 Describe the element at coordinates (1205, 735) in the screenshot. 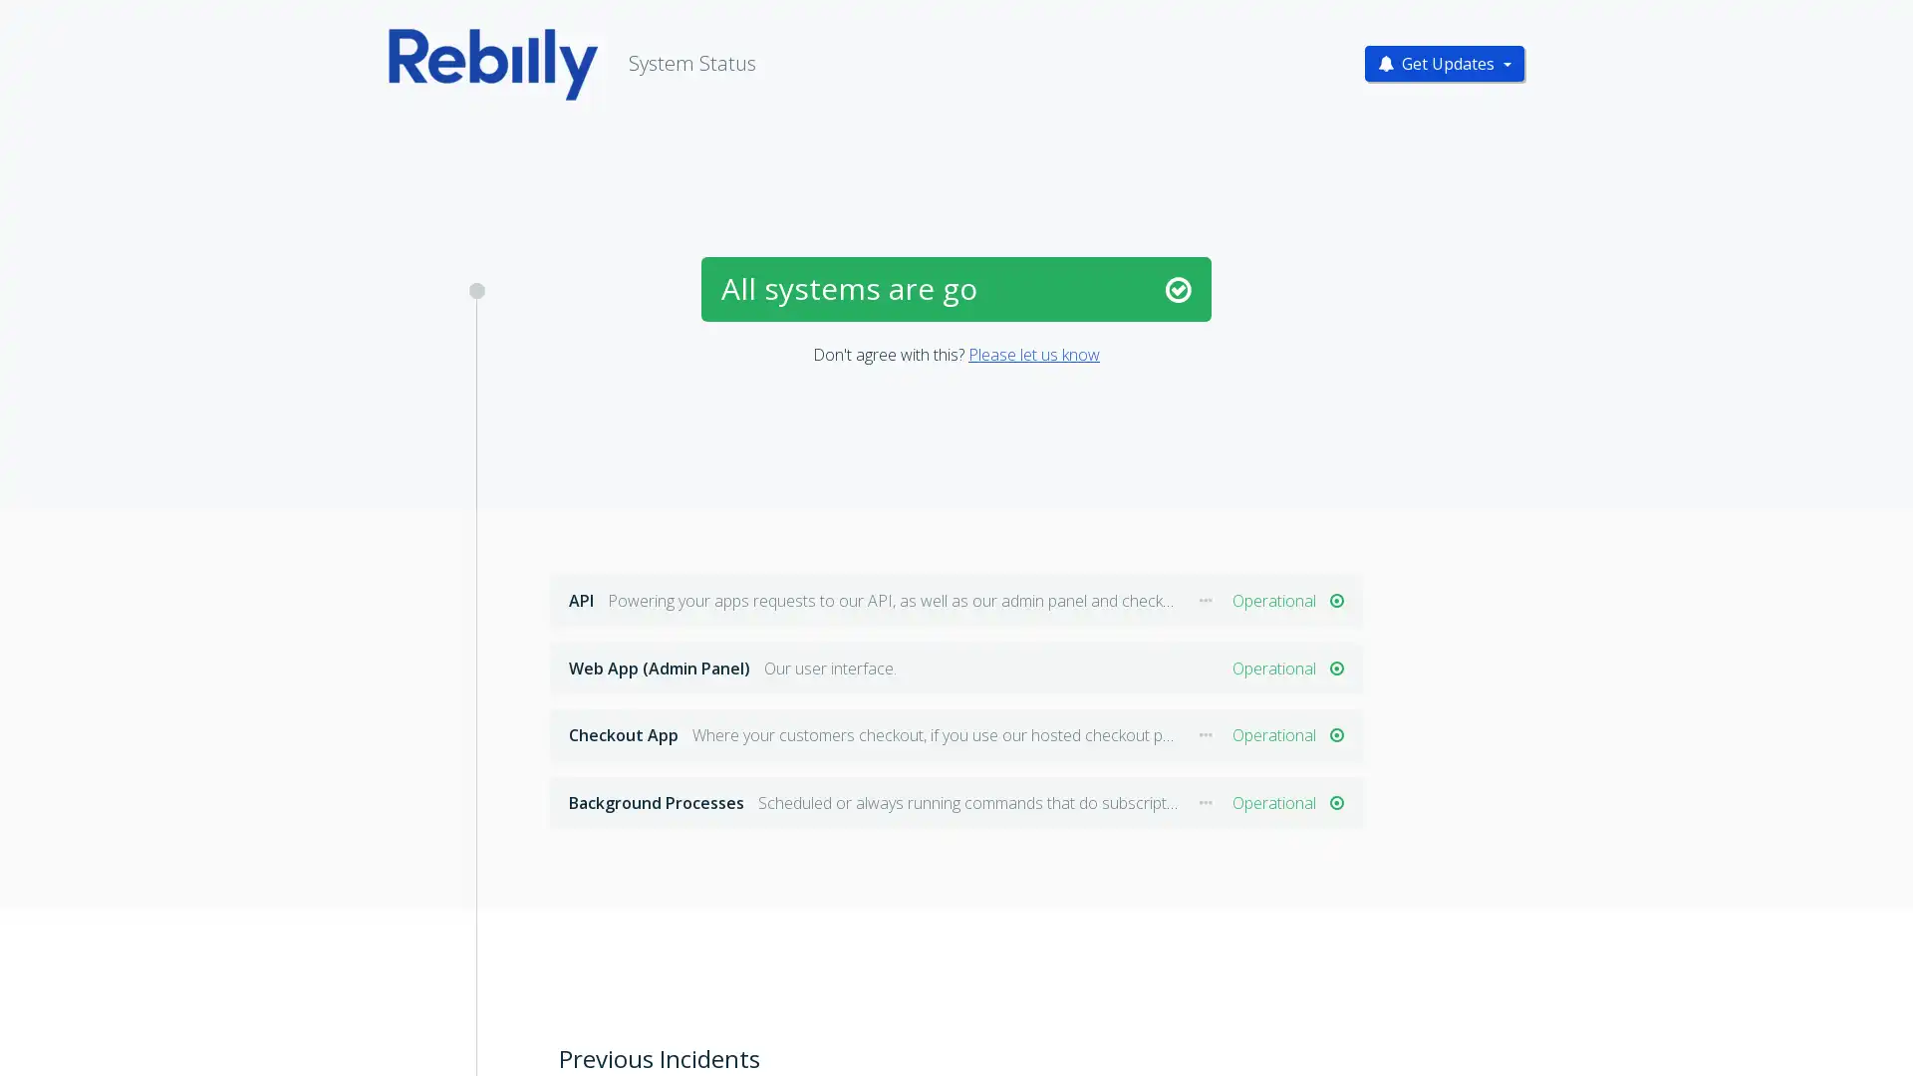

I see `Click here to view the full description for this component` at that location.